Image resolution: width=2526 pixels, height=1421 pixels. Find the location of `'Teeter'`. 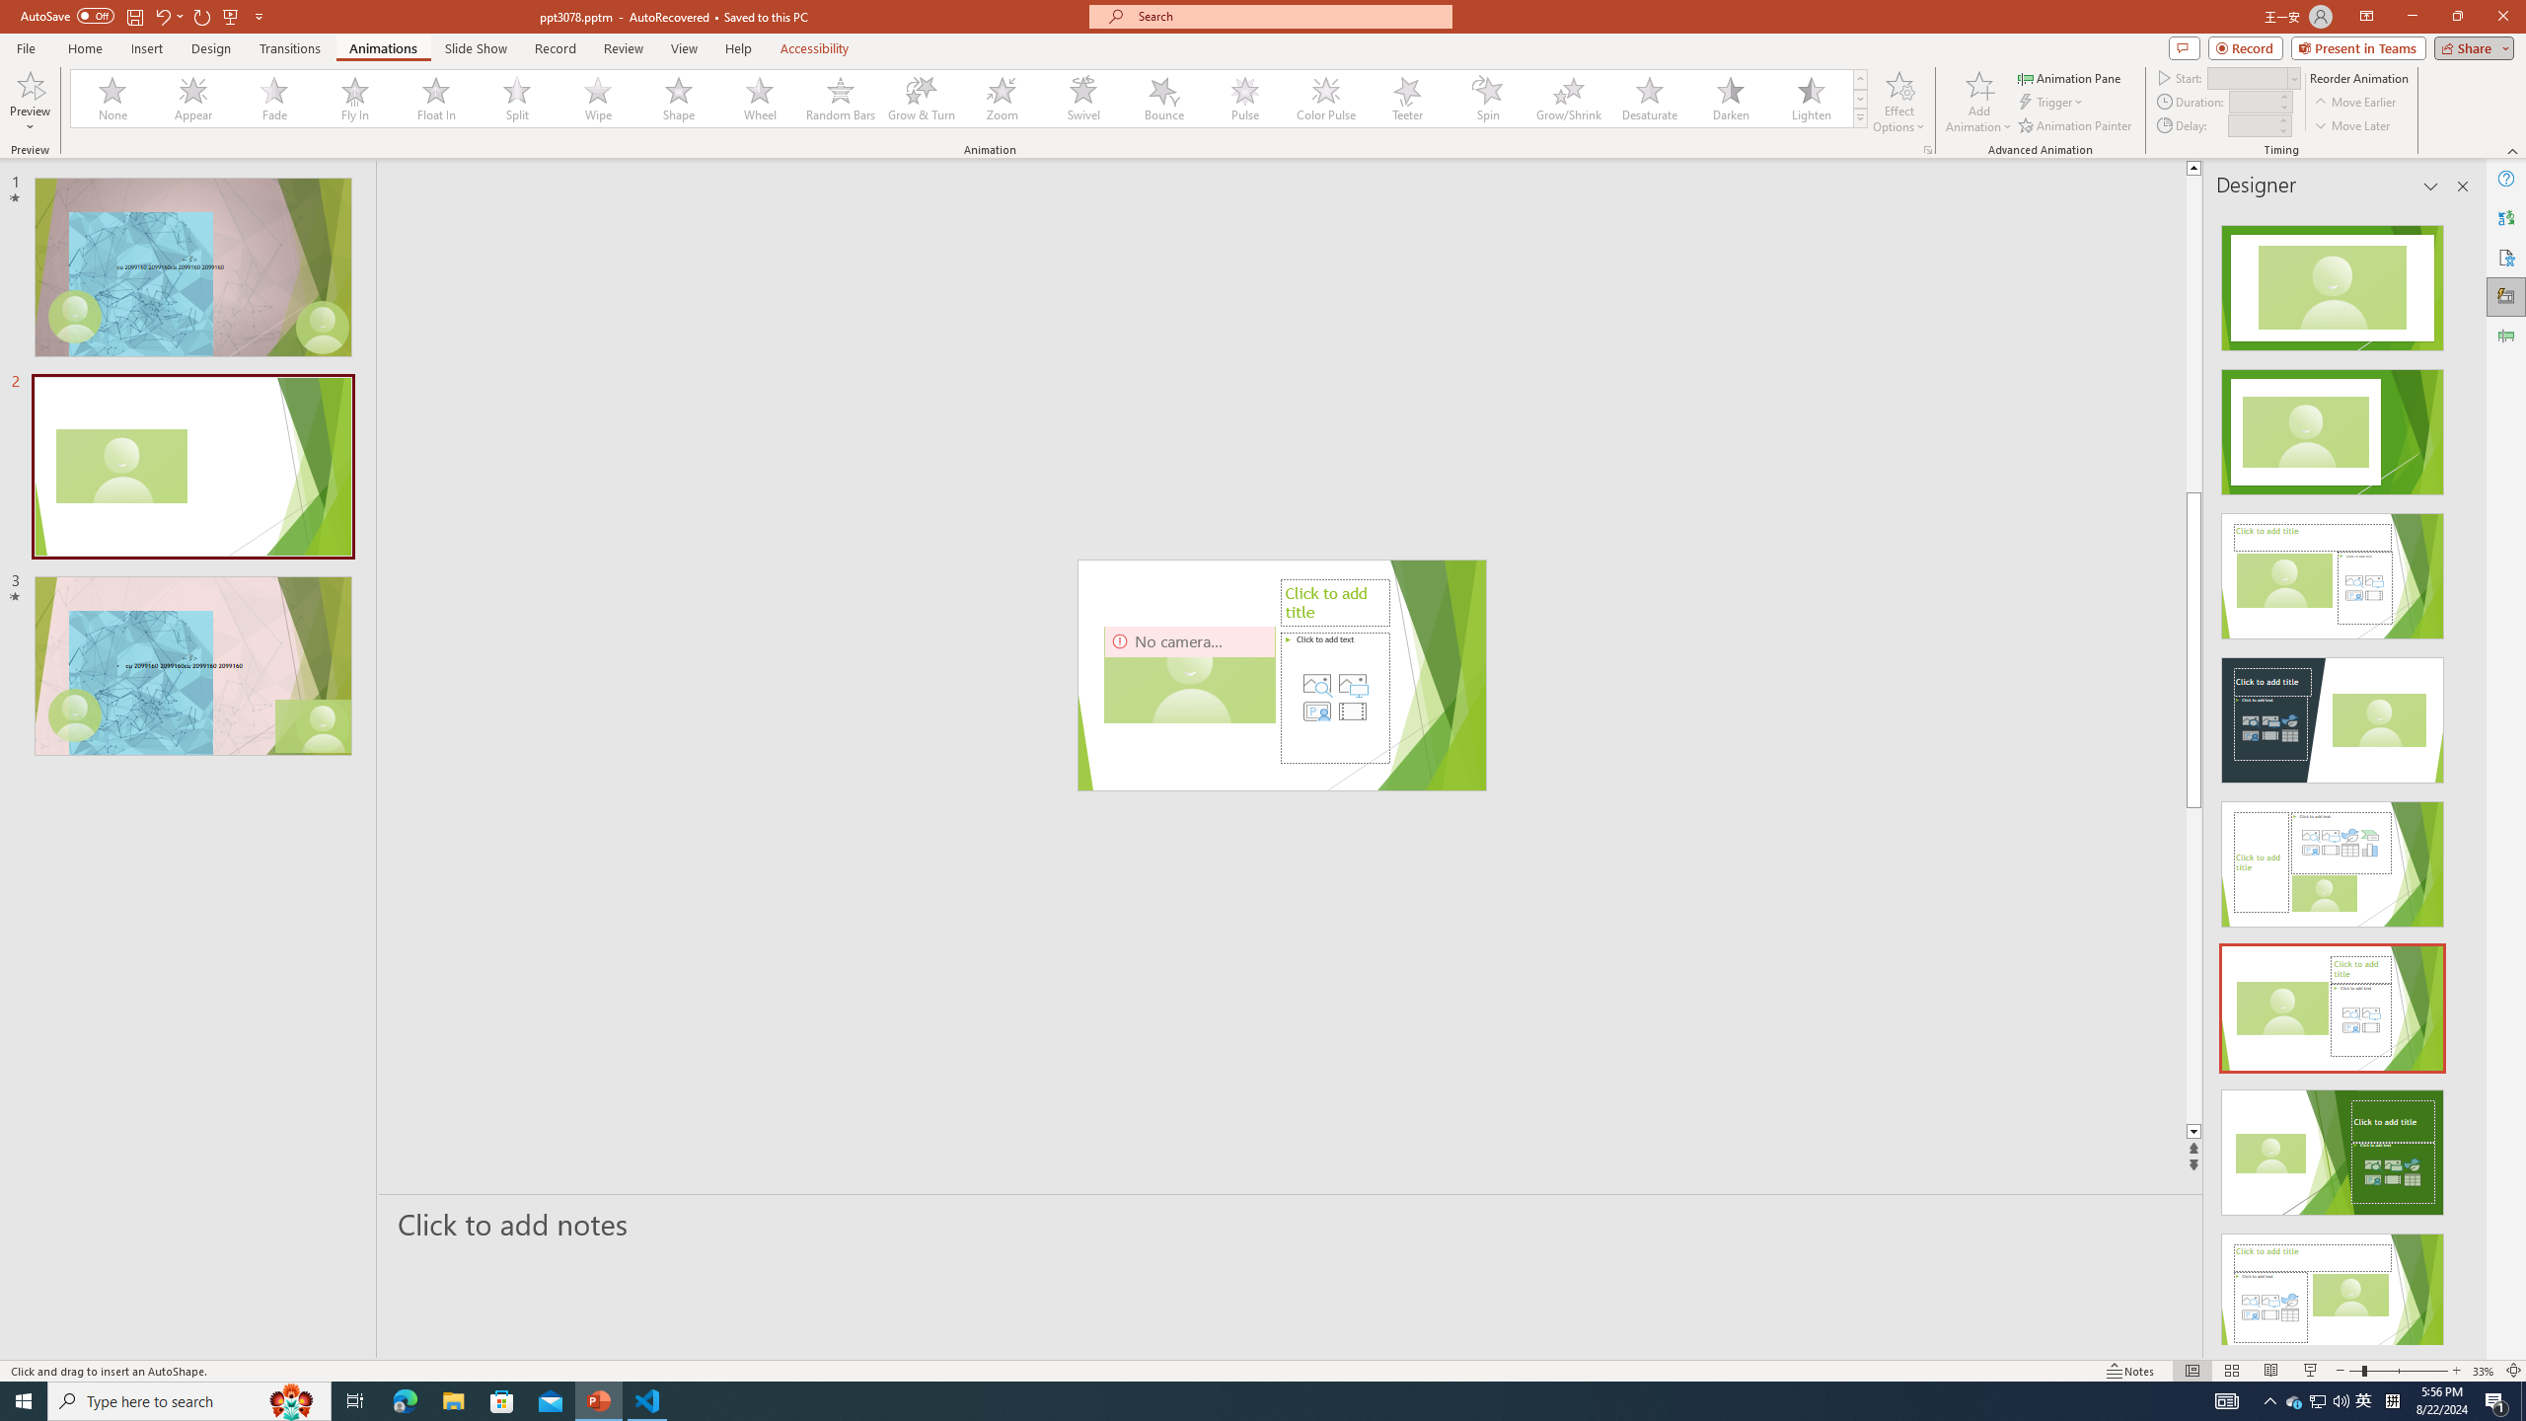

'Teeter' is located at coordinates (1405, 98).